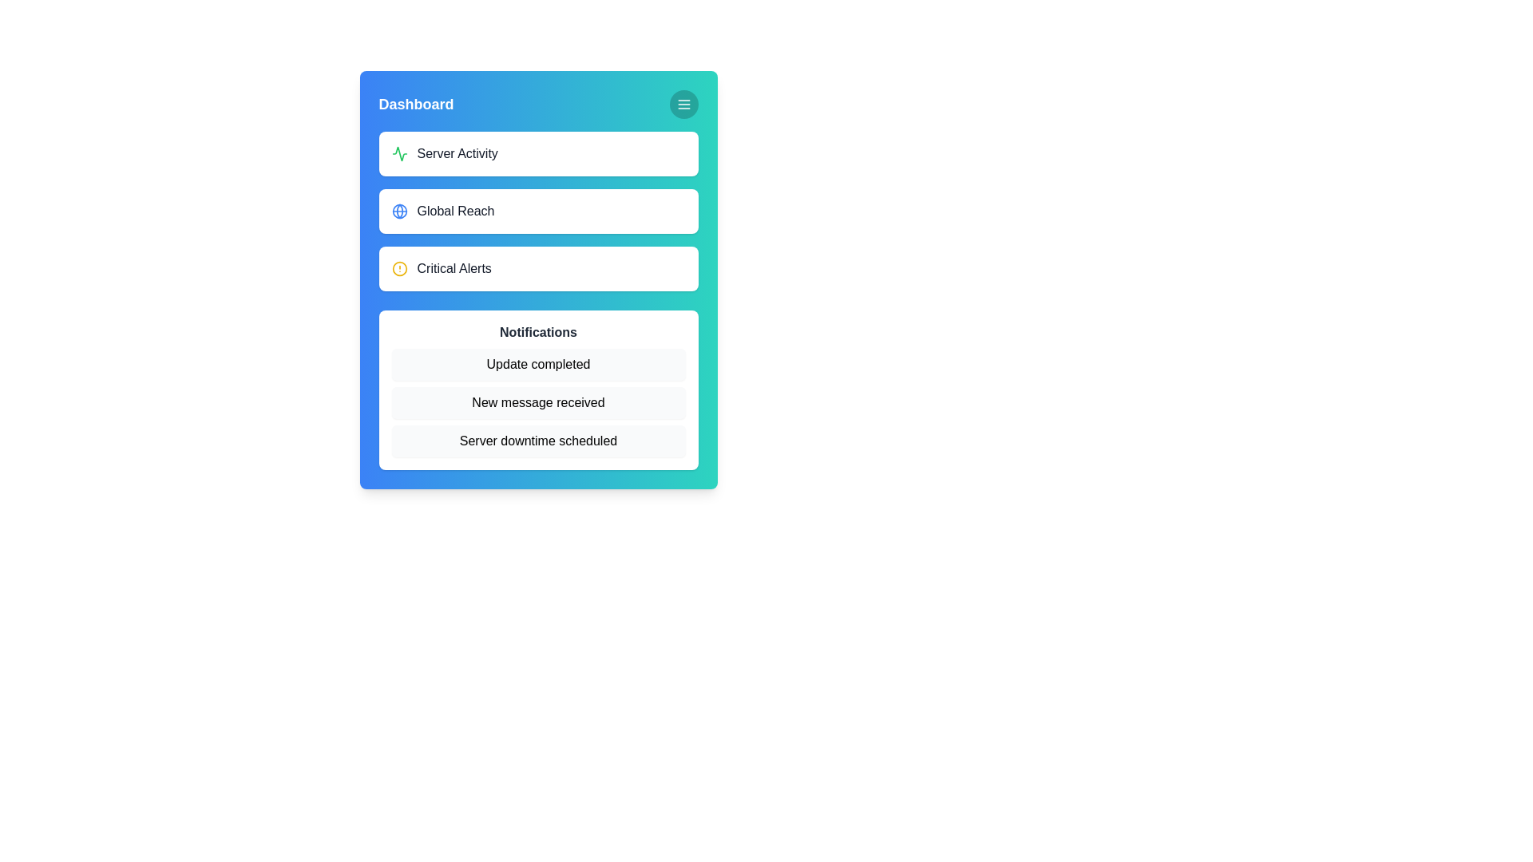 Image resolution: width=1533 pixels, height=862 pixels. What do you see at coordinates (455, 211) in the screenshot?
I see `the static text label indicating 'Global Reach' in the second section of the card, which is located adjacent to a globe-shaped icon` at bounding box center [455, 211].